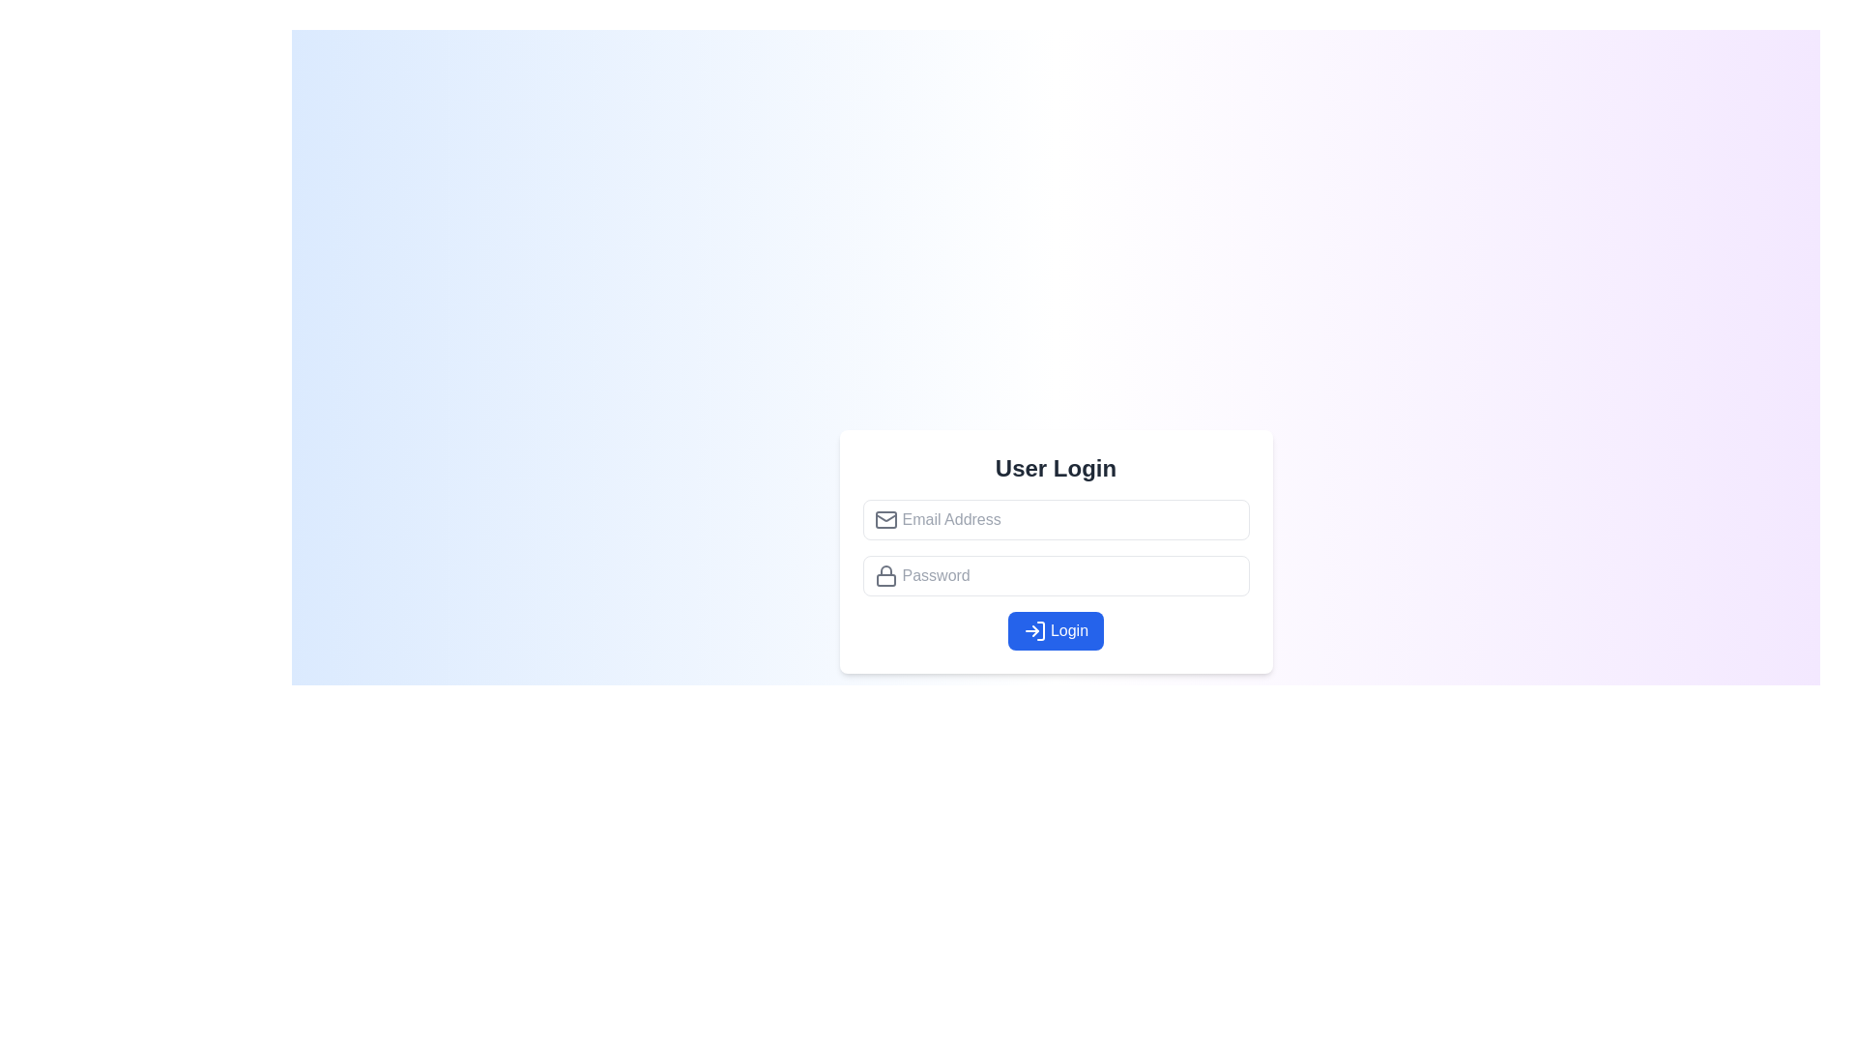 Image resolution: width=1856 pixels, height=1044 pixels. What do you see at coordinates (884, 569) in the screenshot?
I see `the upper part of the padlock icon in the login form, which is styled with a clean design and located next to the password input field` at bounding box center [884, 569].